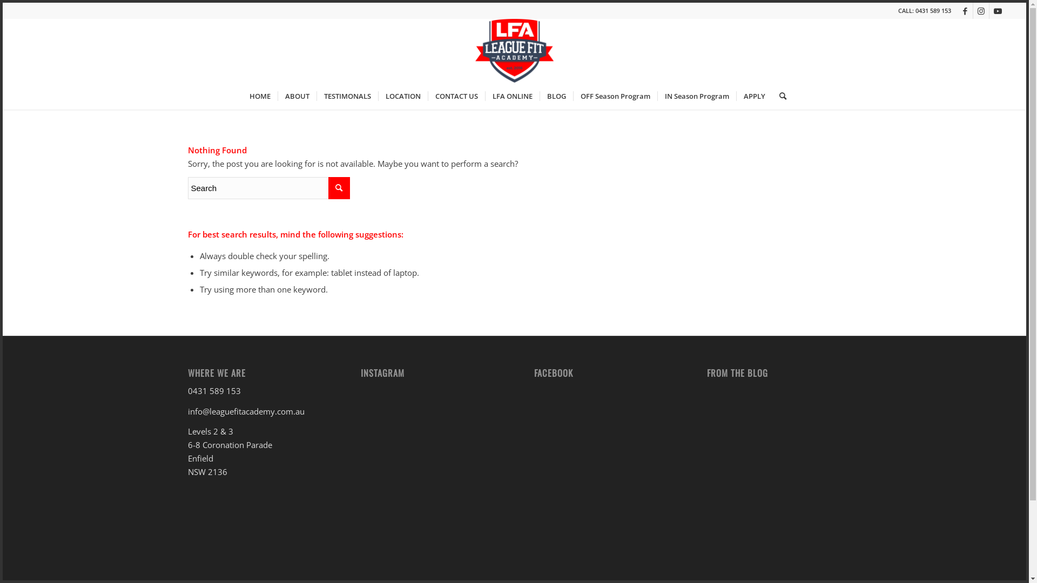  Describe the element at coordinates (657, 95) in the screenshot. I see `'IN Season Program'` at that location.